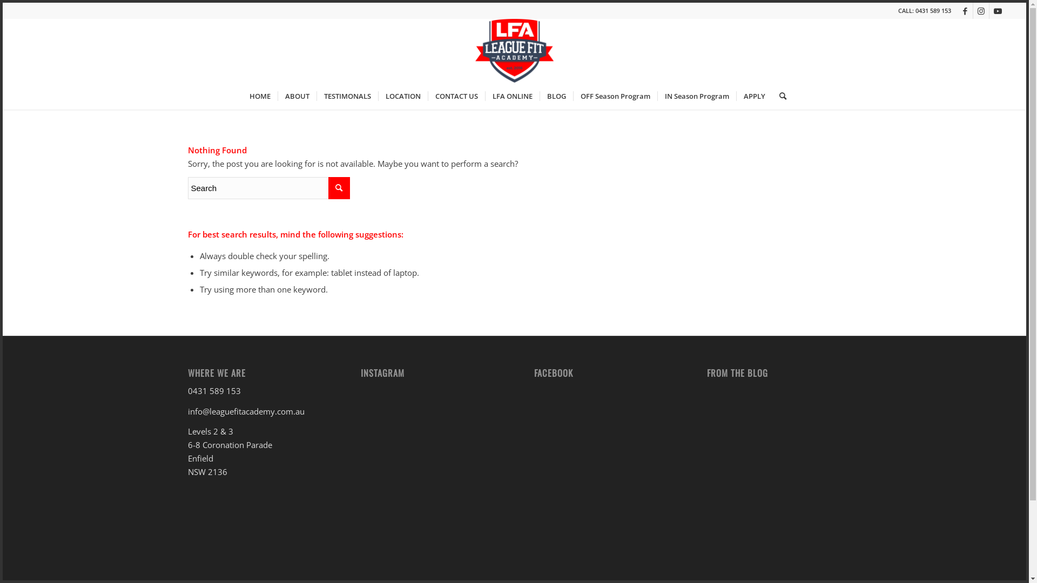  Describe the element at coordinates (657, 95) in the screenshot. I see `'IN Season Program'` at that location.